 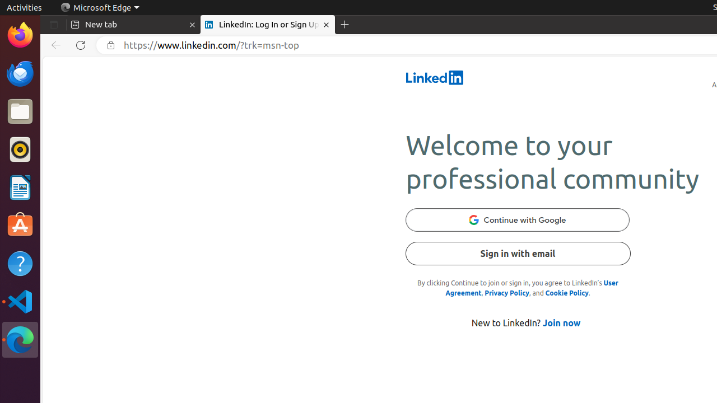 What do you see at coordinates (506, 292) in the screenshot?
I see `'Privacy Policy'` at bounding box center [506, 292].